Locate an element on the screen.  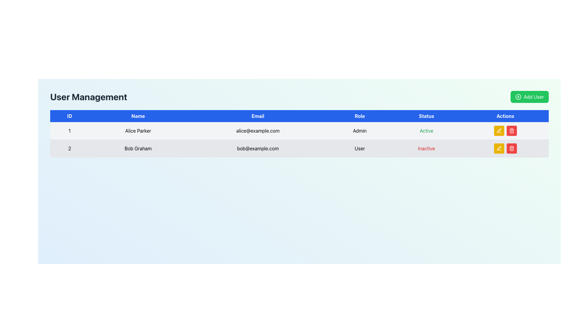
the header label for email addresses in the data table, which is the third column after 'ID' and 'Name' is located at coordinates (258, 116).